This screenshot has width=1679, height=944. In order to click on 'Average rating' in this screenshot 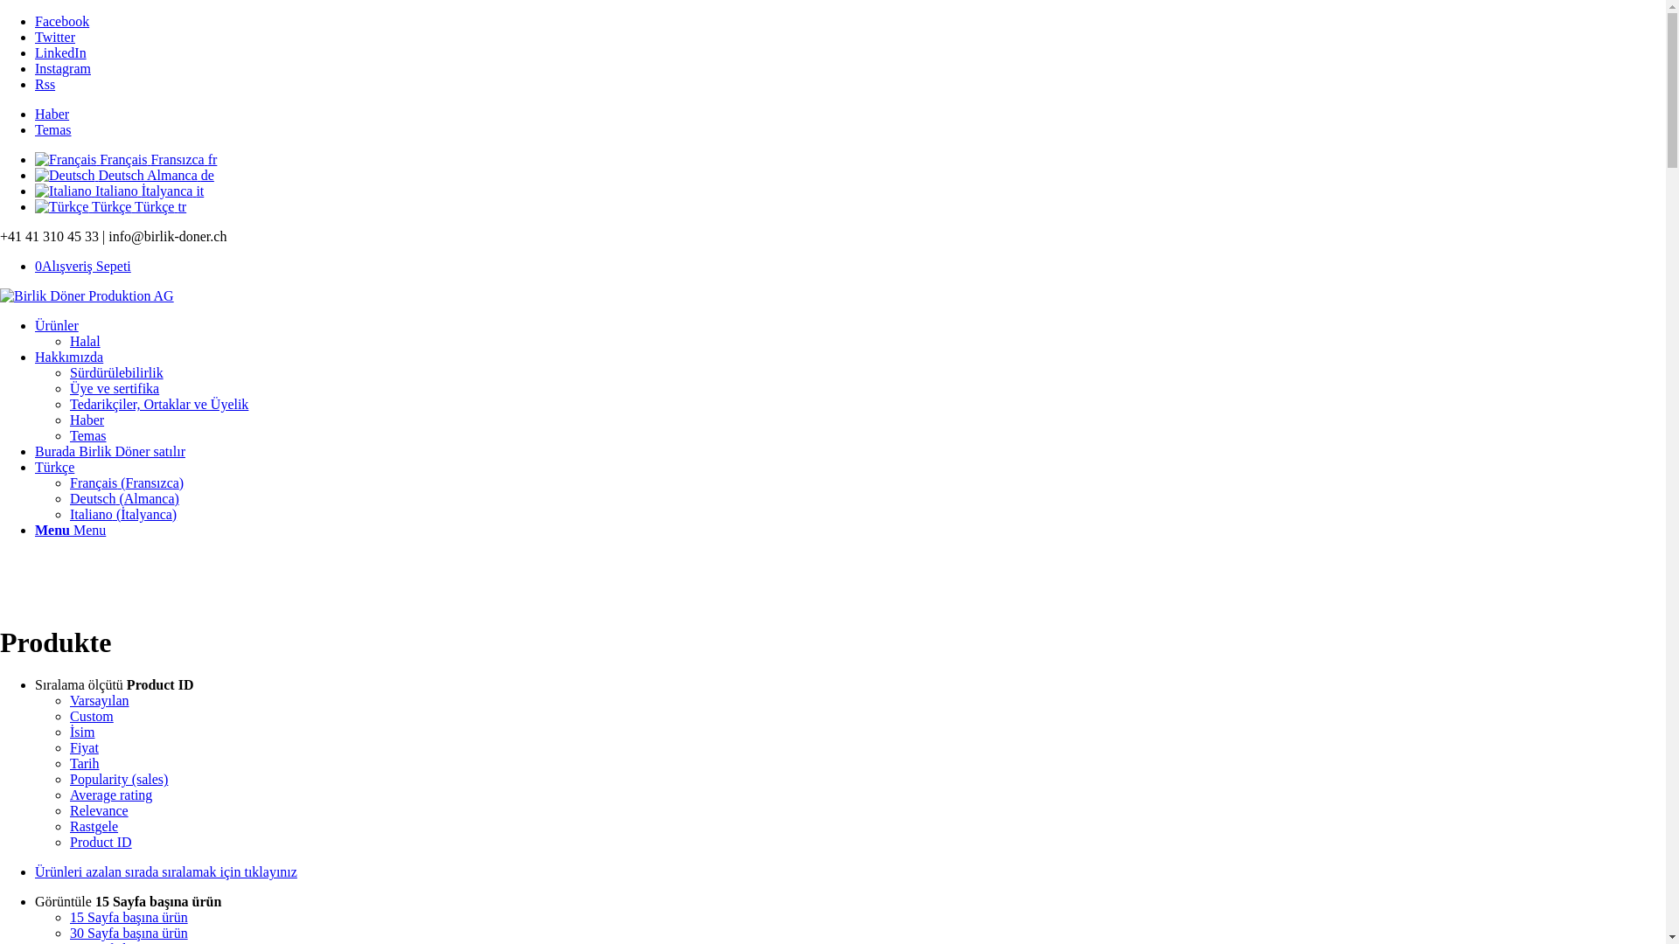, I will do `click(109, 795)`.